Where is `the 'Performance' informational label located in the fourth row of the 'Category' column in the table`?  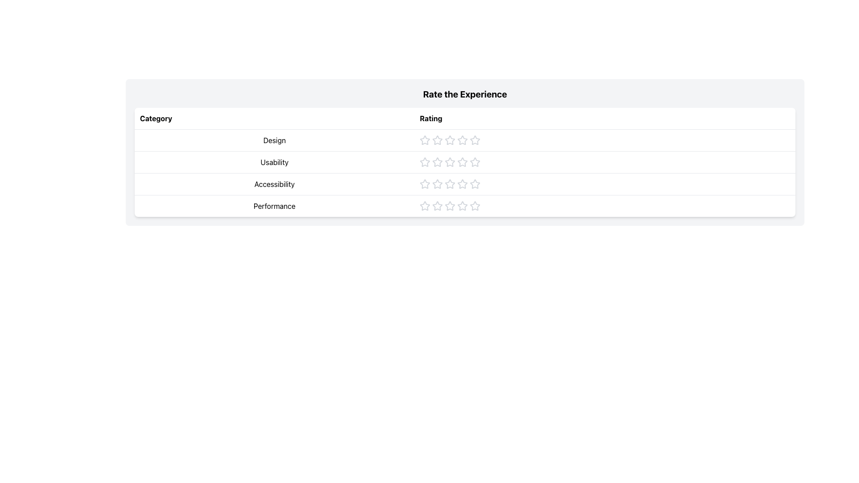 the 'Performance' informational label located in the fourth row of the 'Category' column in the table is located at coordinates (274, 206).